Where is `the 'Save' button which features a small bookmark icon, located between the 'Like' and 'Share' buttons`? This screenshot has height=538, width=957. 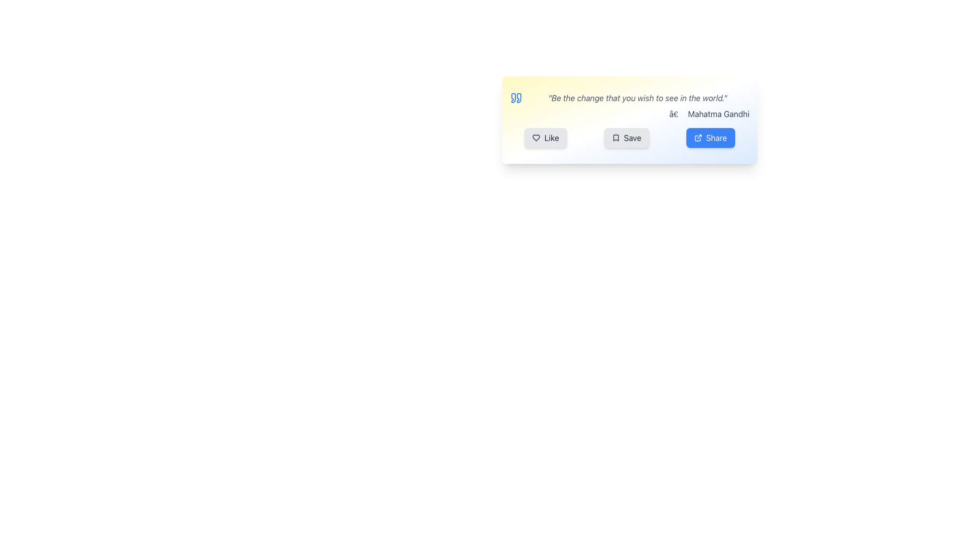 the 'Save' button which features a small bookmark icon, located between the 'Like' and 'Share' buttons is located at coordinates (615, 138).